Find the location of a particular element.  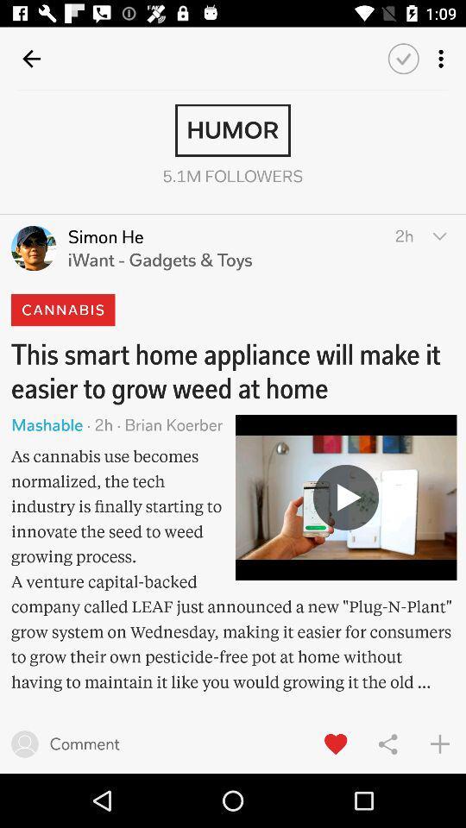

the avatar icon is located at coordinates (34, 248).